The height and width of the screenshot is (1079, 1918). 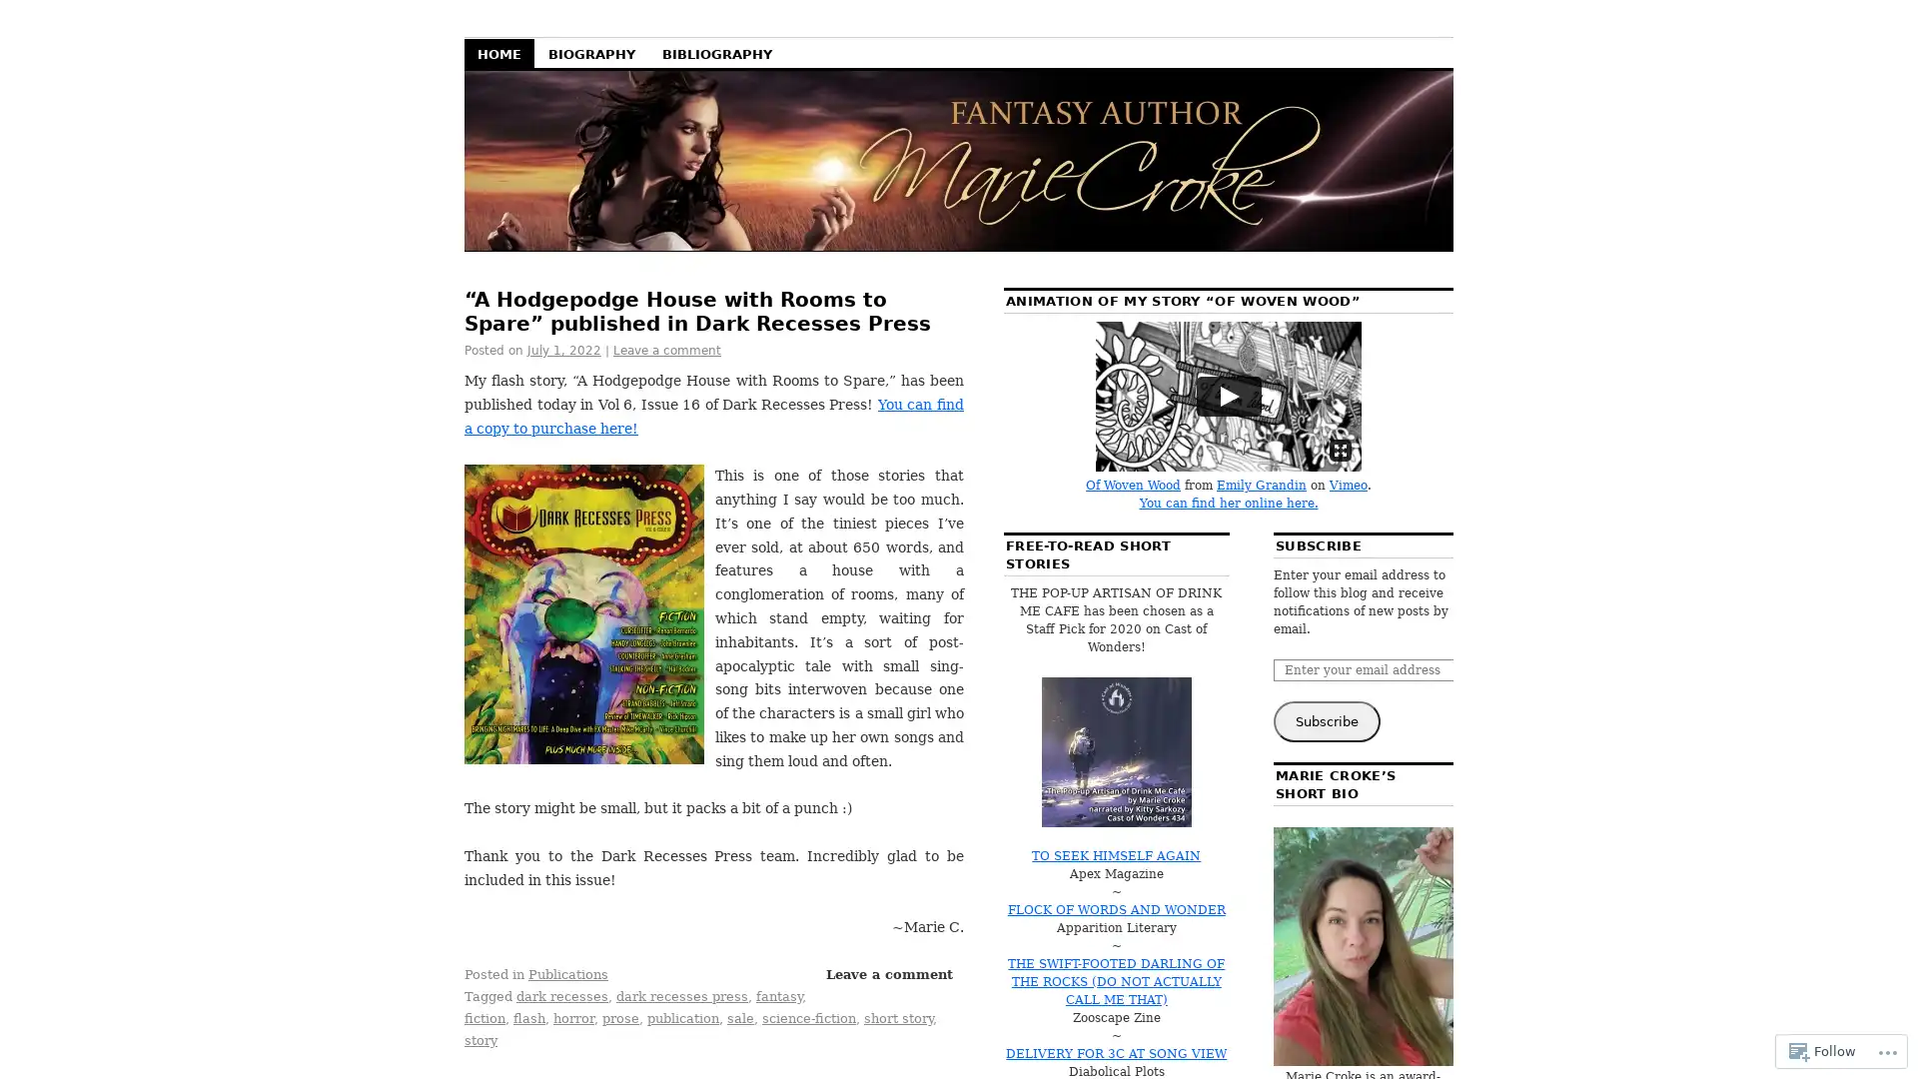 What do you see at coordinates (1327, 721) in the screenshot?
I see `Subscribe` at bounding box center [1327, 721].